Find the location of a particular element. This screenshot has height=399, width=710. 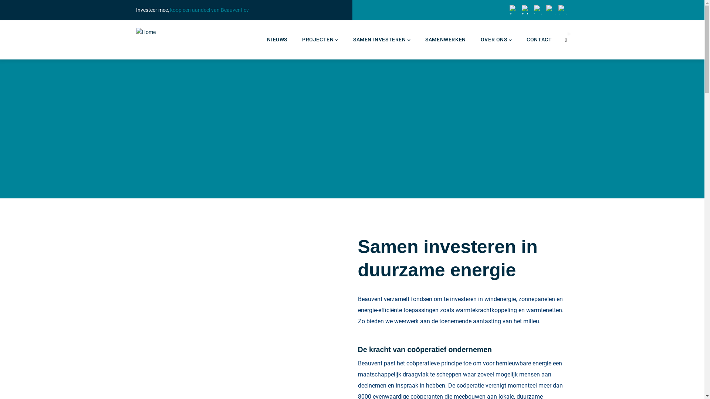

'OVER ONS' is located at coordinates (473, 40).